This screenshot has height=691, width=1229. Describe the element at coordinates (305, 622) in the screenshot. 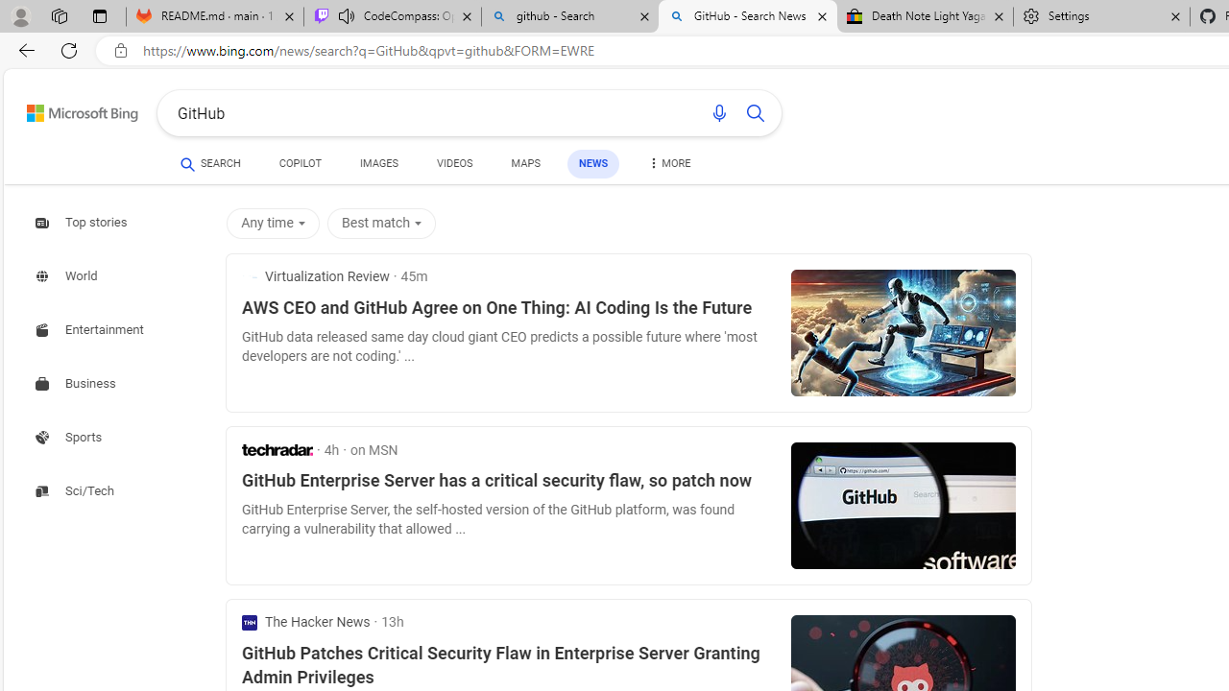

I see `'Search news from The Hacker News'` at that location.